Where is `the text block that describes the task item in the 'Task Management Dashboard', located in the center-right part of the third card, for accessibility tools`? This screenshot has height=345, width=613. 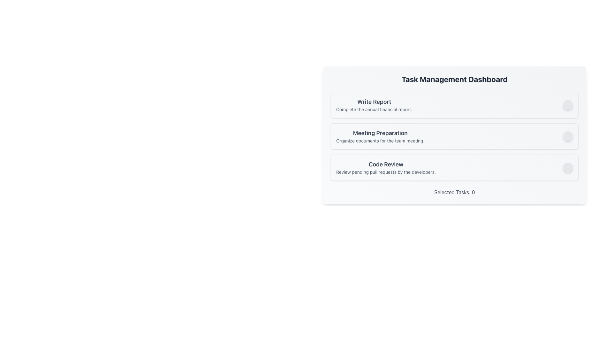
the text block that describes the task item in the 'Task Management Dashboard', located in the center-right part of the third card, for accessibility tools is located at coordinates (386, 167).